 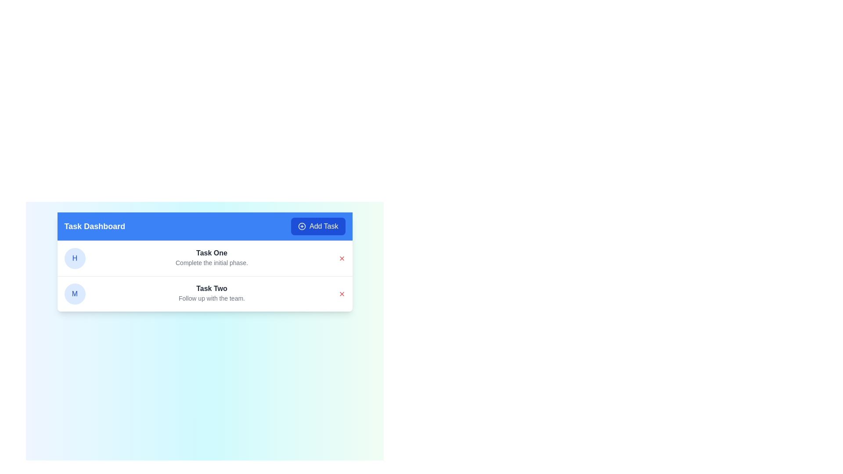 What do you see at coordinates (212, 289) in the screenshot?
I see `the title of the second task in the task list, which describes the task as 'Follow up with the team.'` at bounding box center [212, 289].